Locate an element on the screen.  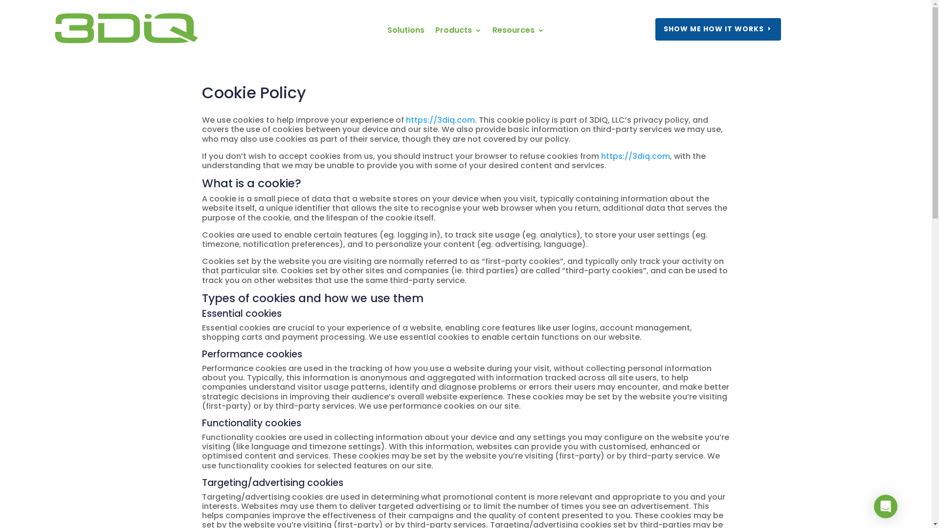
'SHOW ME HOW IT WORKS' is located at coordinates (718, 29).